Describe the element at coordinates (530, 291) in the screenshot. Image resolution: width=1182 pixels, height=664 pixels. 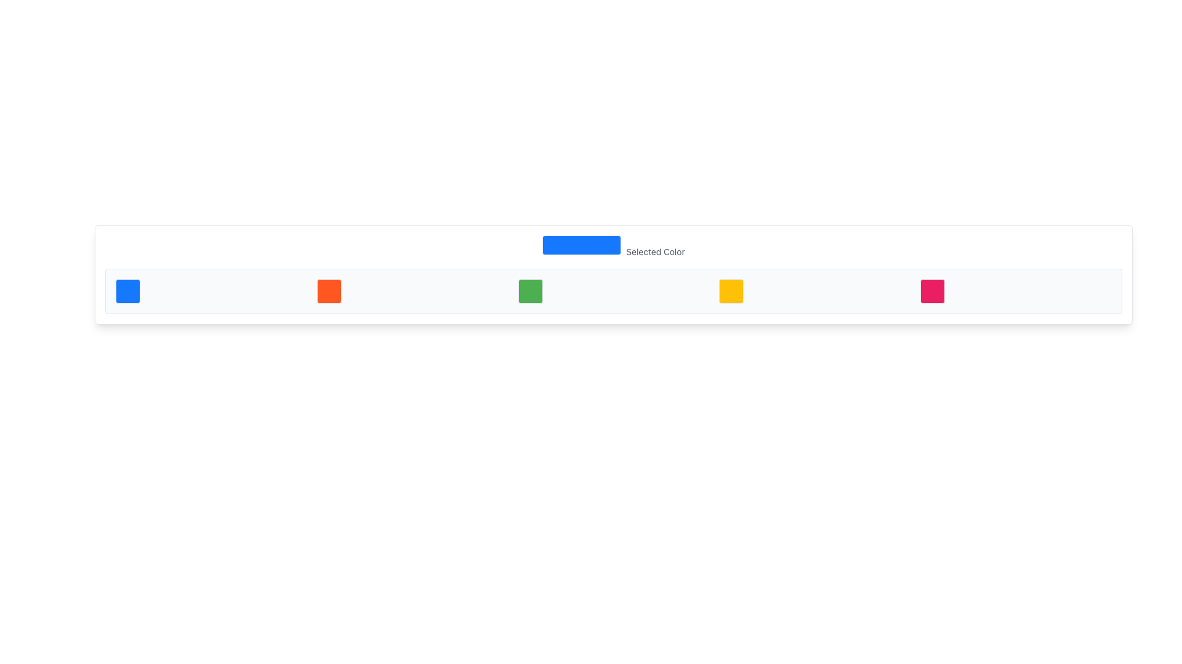
I see `the green colored box with rounded corners, which is the third square in a row of five squares` at that location.